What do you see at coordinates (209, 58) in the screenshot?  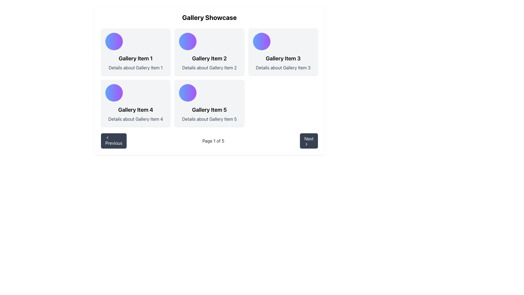 I see `text element labeled 'Gallery Item 2', which is styled in bold and larger font, located in the top-middle of the second card in a grid layout with a light gray backdrop` at bounding box center [209, 58].